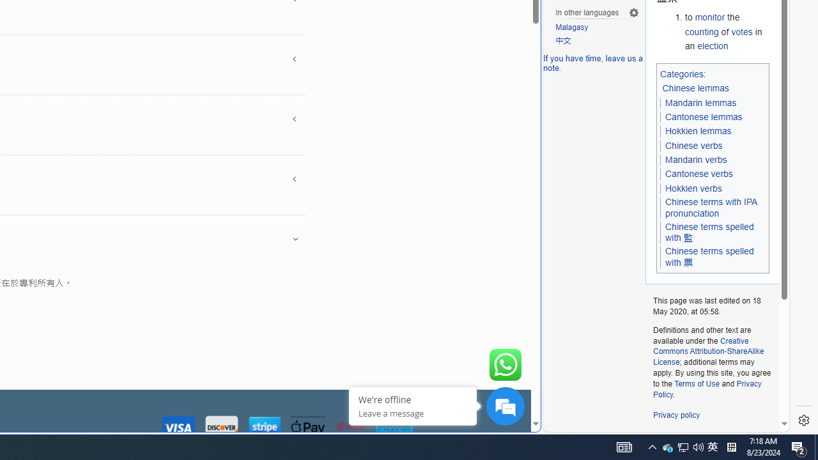  I want to click on 'monitor', so click(709, 17).